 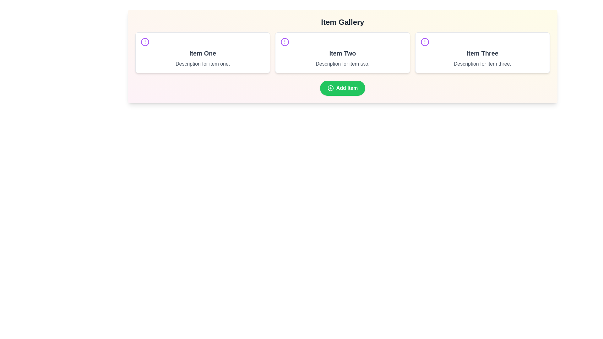 I want to click on the bold, extra-large gray text reading 'Item Three', which is centrally placed within the third card layout, so click(x=482, y=53).